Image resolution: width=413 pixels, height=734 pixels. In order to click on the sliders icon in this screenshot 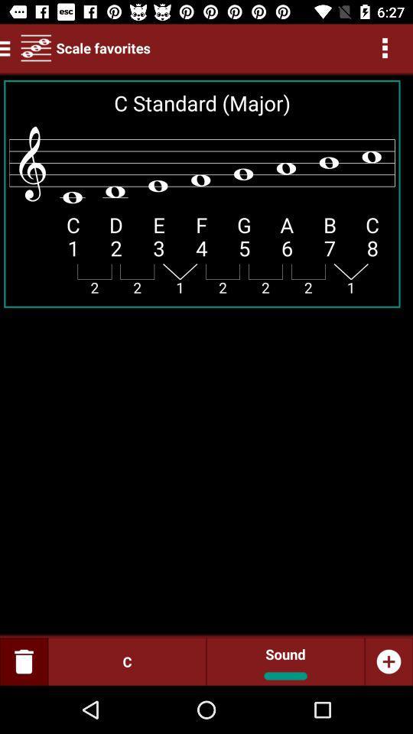, I will do `click(36, 47)`.